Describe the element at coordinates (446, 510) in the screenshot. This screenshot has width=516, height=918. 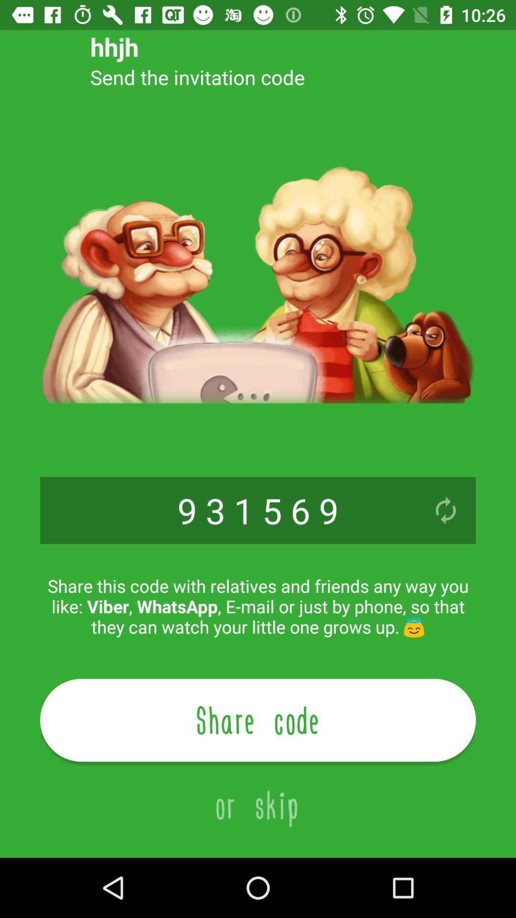
I see `item next to 9 3 1 icon` at that location.